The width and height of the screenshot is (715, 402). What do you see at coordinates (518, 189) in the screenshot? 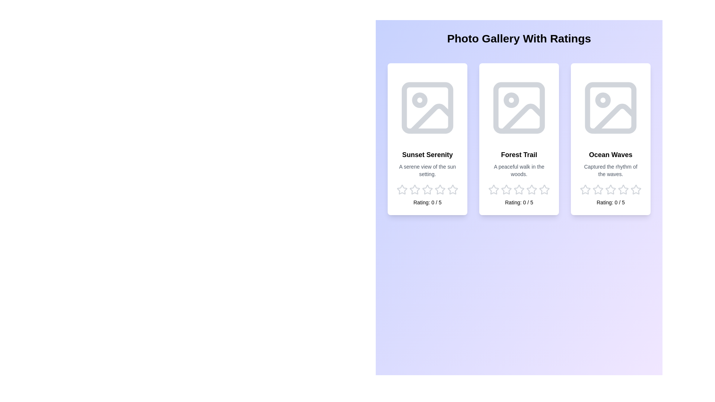
I see `the star corresponding to the rating 3 for the image Forest Trail` at bounding box center [518, 189].